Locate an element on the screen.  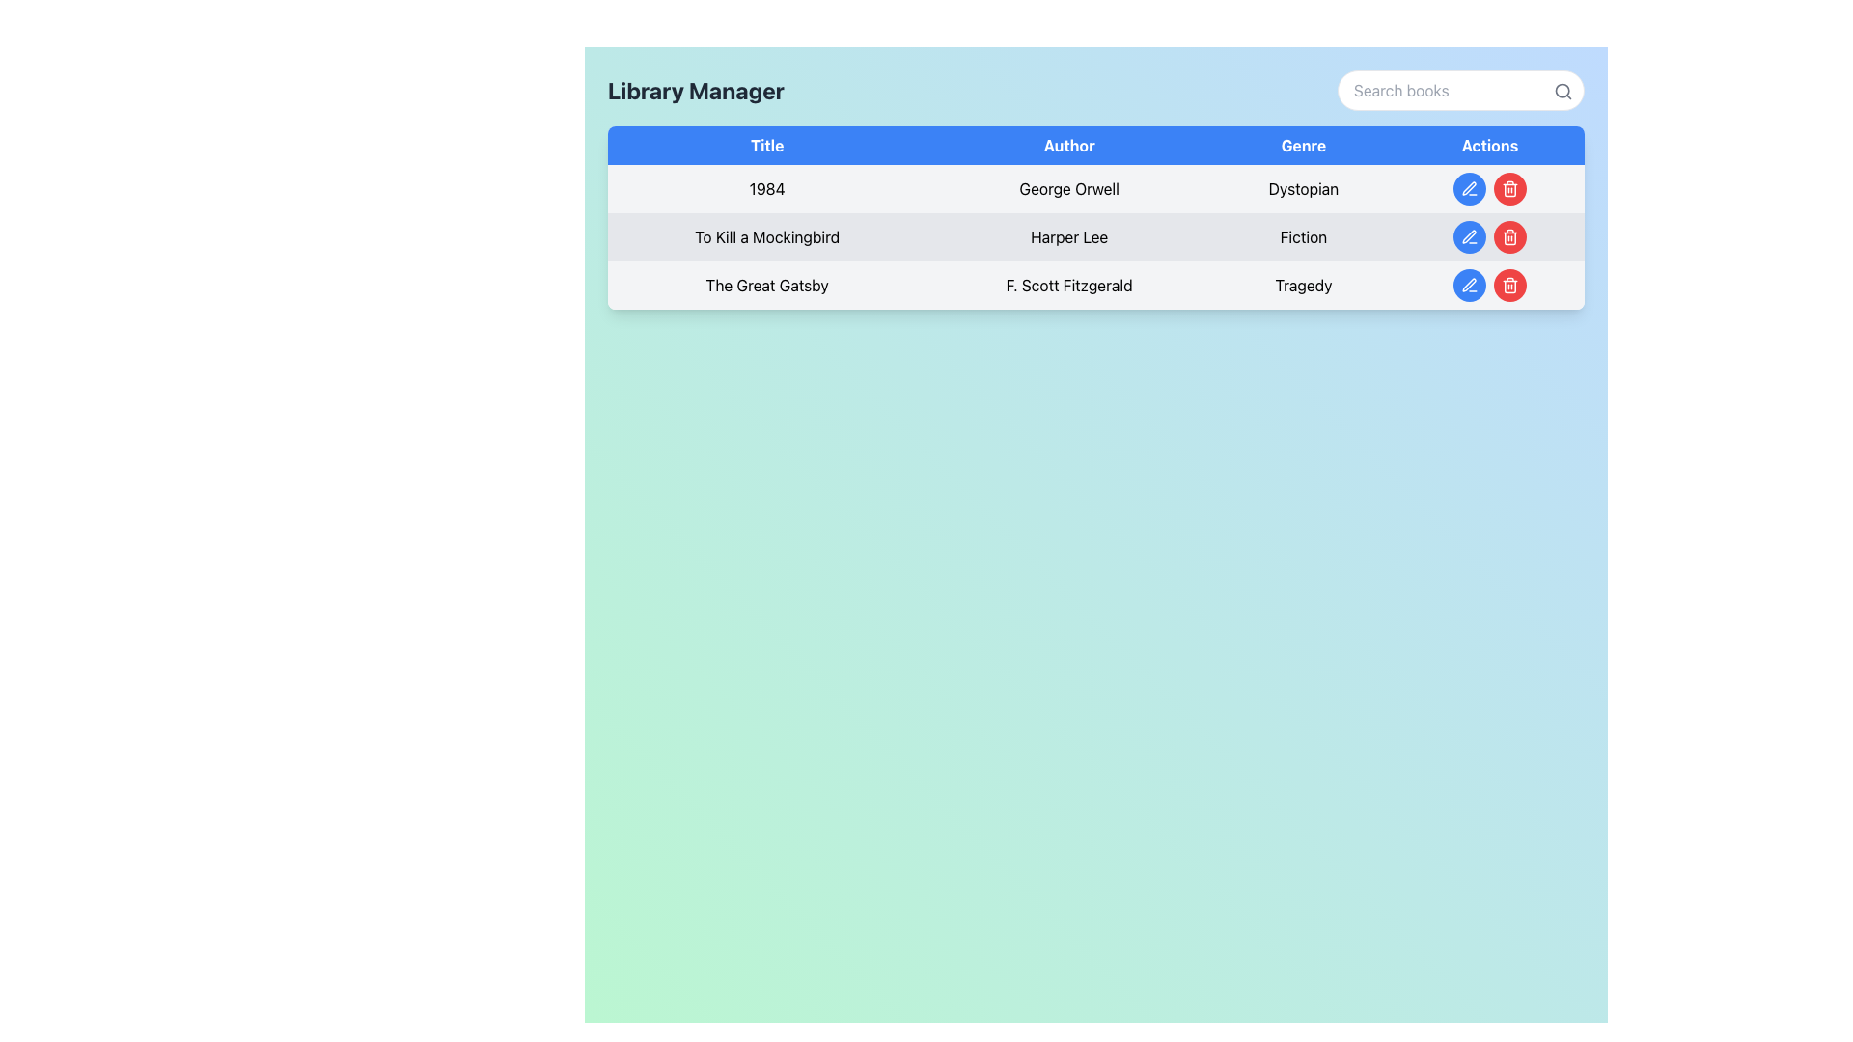
the edit button in the 'Actions' section for the book 'To Kill a Mockingbird' is located at coordinates (1468, 236).